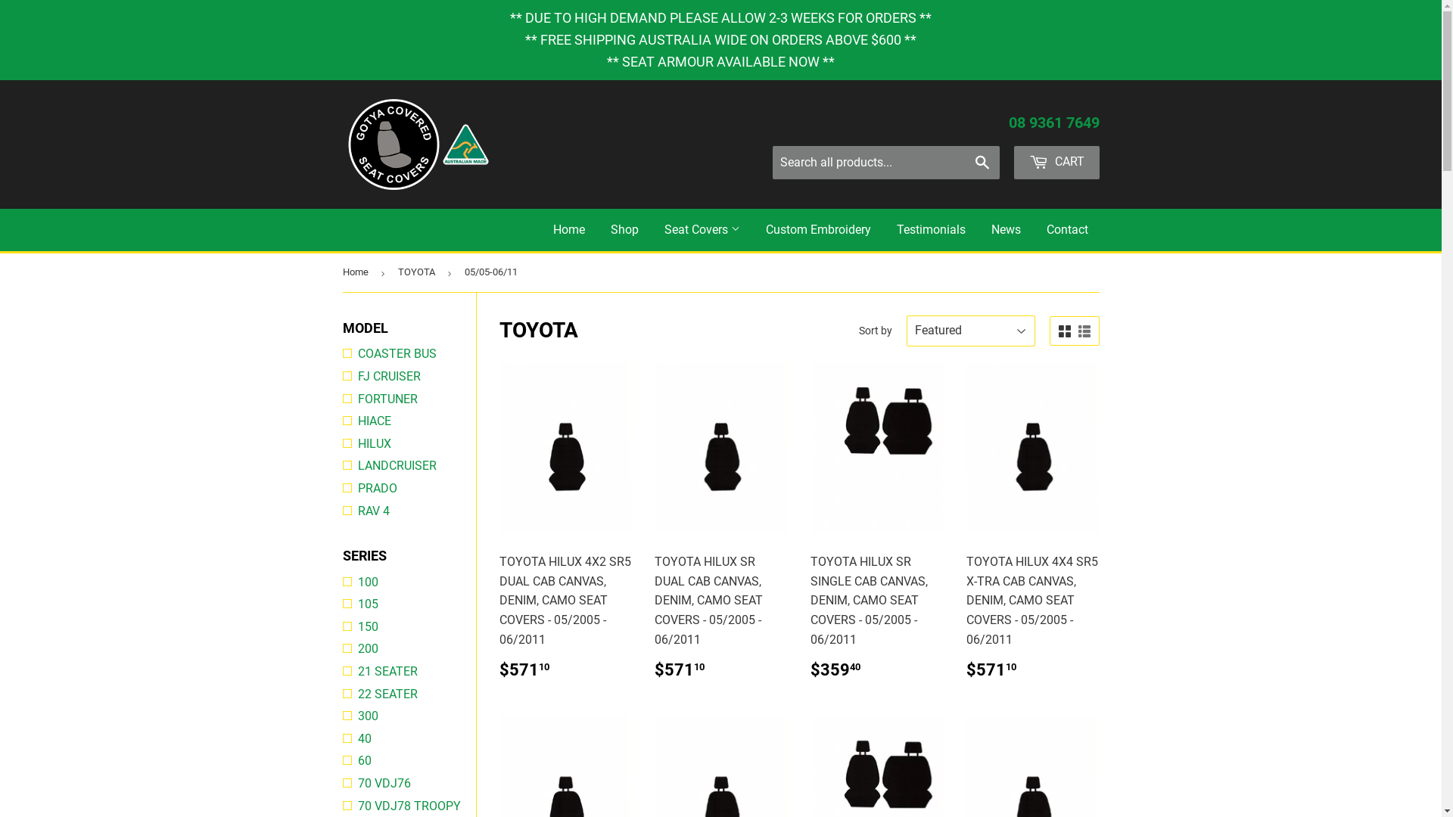  Describe the element at coordinates (408, 511) in the screenshot. I see `'RAV 4'` at that location.